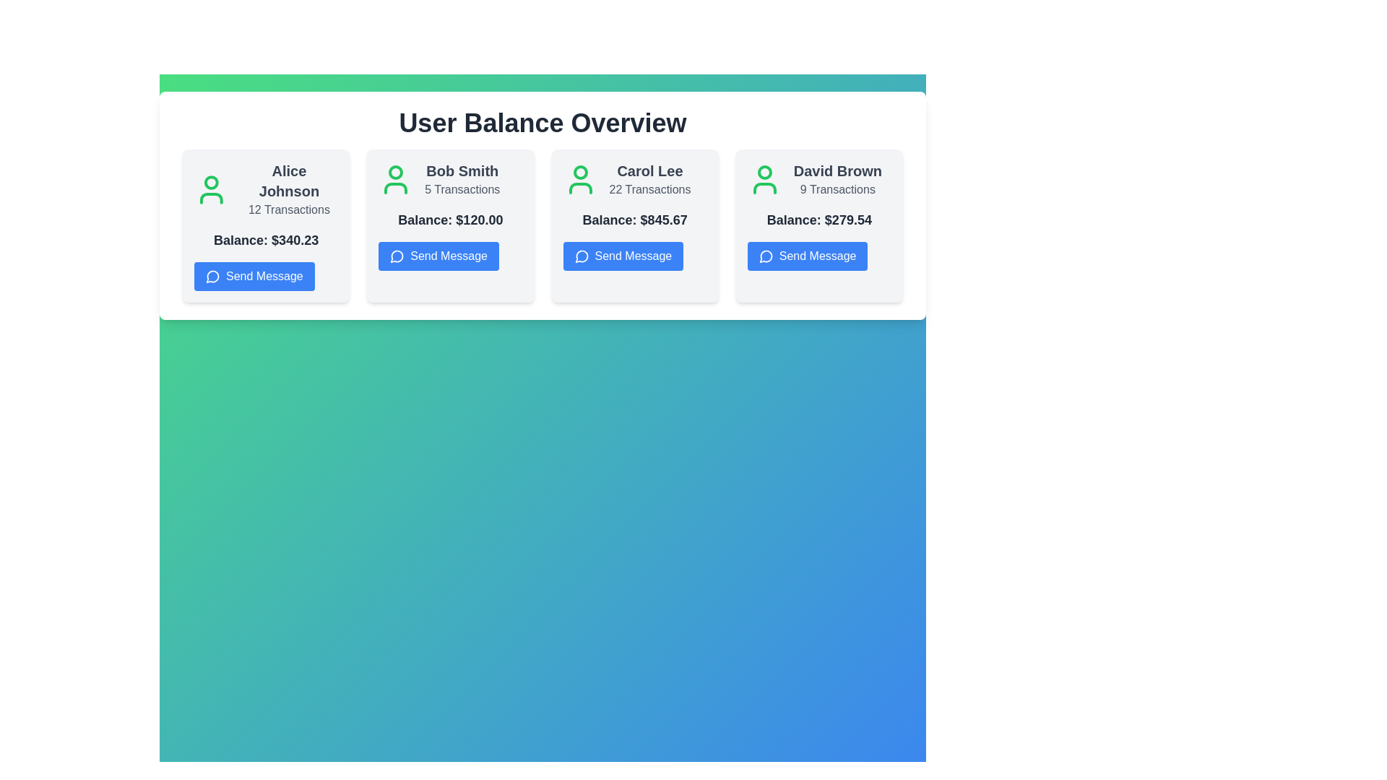 The height and width of the screenshot is (780, 1387). What do you see at coordinates (438, 255) in the screenshot?
I see `the button located below the 'Balance: $120.00' text in the 'Bob Smith' card to send a message` at bounding box center [438, 255].